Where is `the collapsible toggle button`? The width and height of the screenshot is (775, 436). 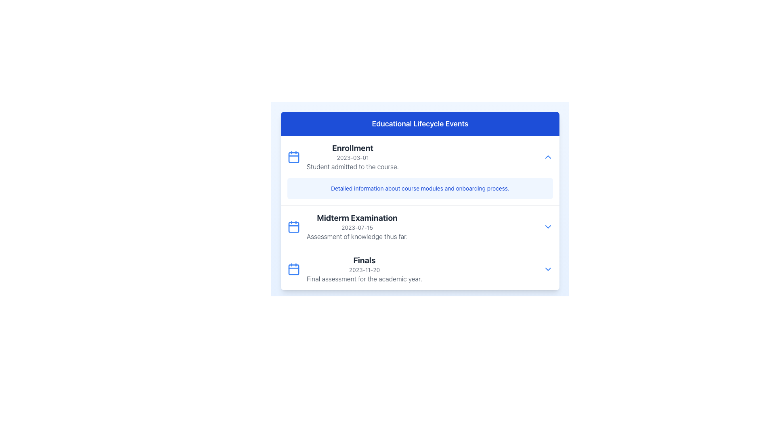 the collapsible toggle button is located at coordinates (548, 157).